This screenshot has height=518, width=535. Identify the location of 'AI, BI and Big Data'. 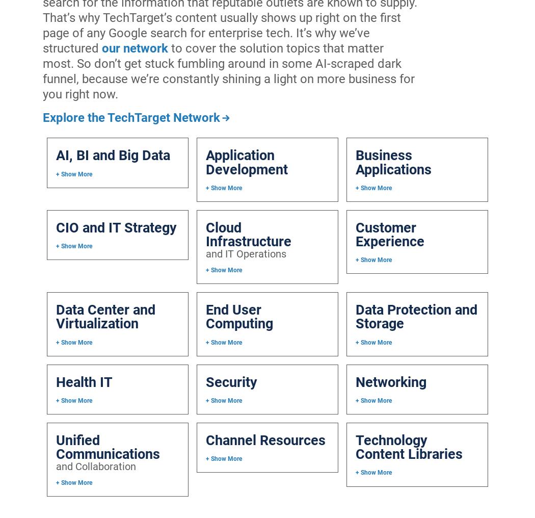
(112, 155).